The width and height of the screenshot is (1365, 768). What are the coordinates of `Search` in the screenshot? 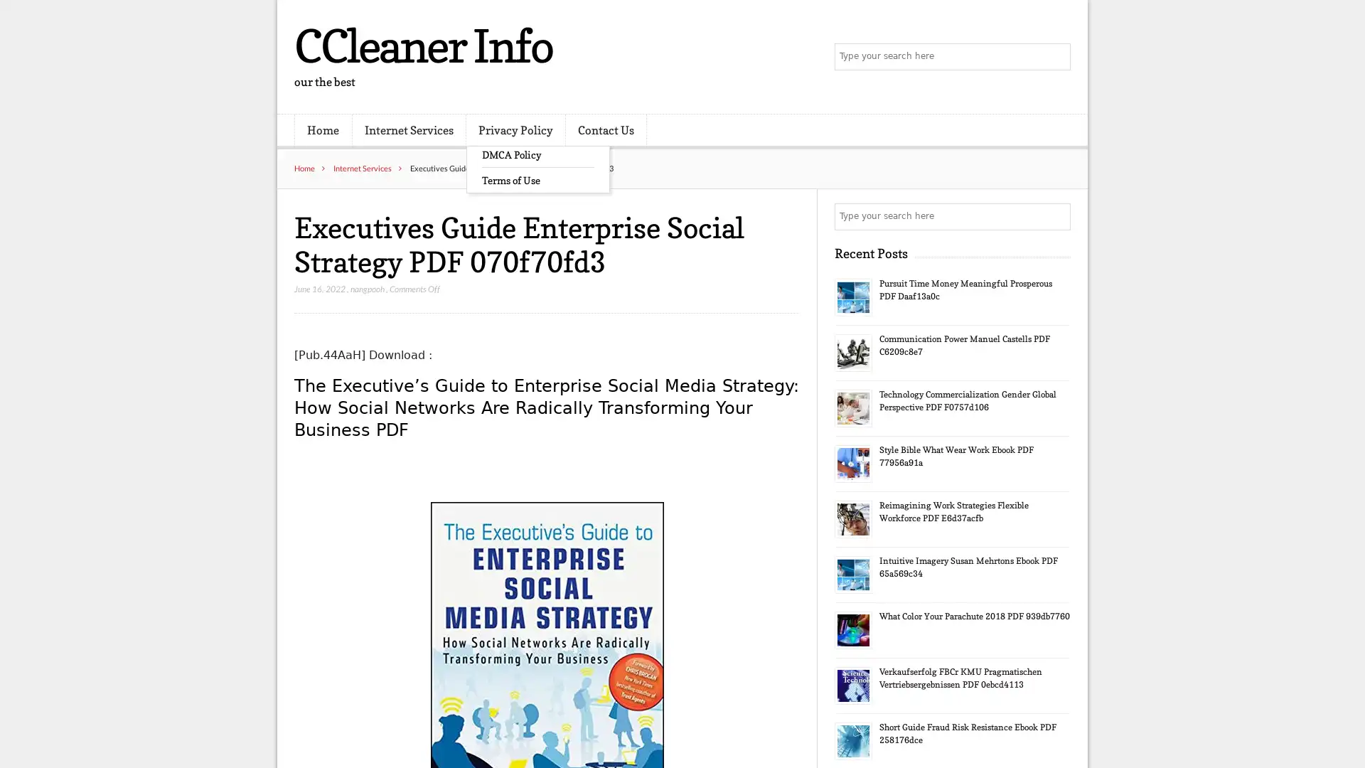 It's located at (1056, 57).